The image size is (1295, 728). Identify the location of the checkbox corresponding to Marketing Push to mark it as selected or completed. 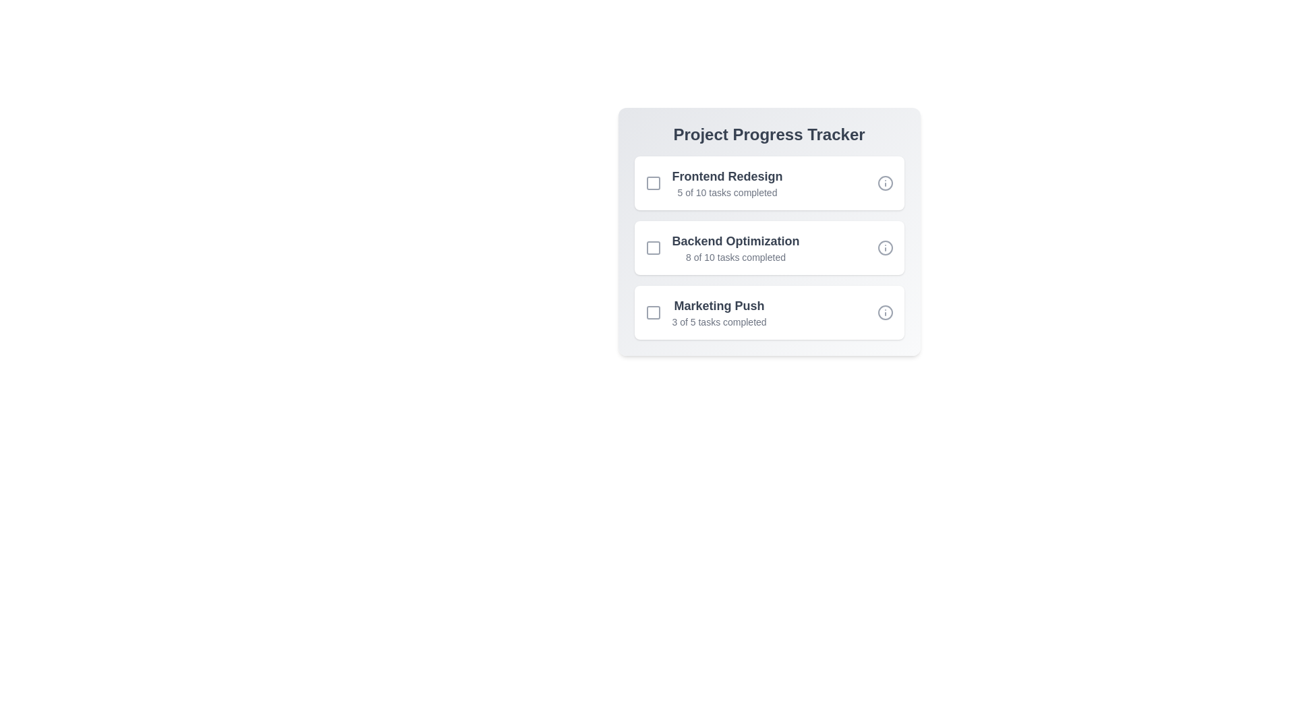
(653, 312).